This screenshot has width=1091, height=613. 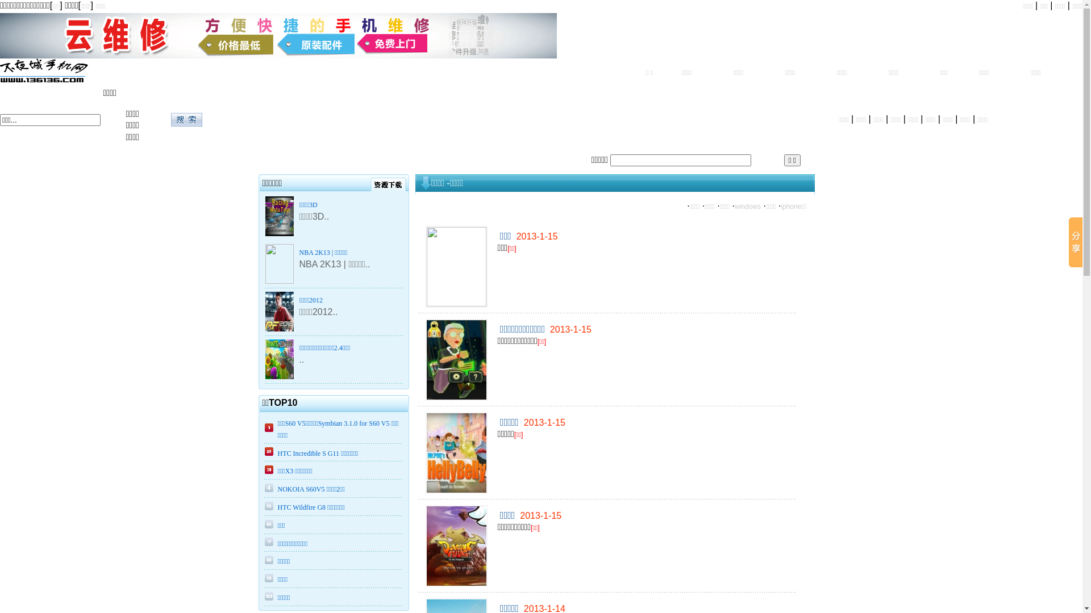 What do you see at coordinates (734, 206) in the screenshot?
I see `'windows'` at bounding box center [734, 206].